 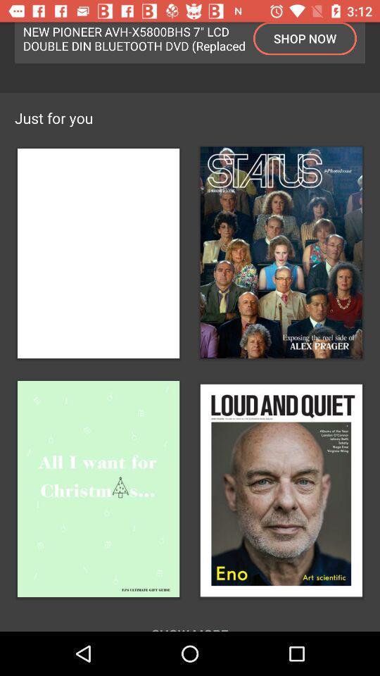 I want to click on the icon to the left of shop now item, so click(x=134, y=37).